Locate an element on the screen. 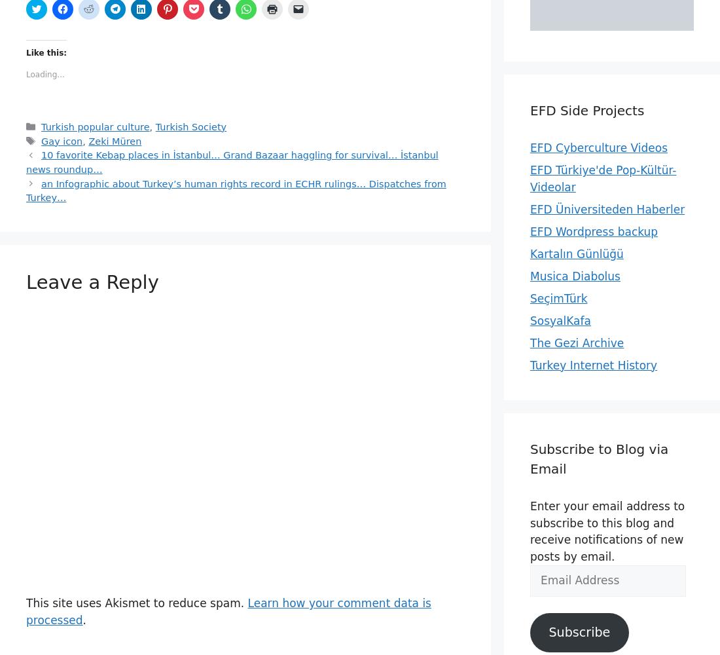 The height and width of the screenshot is (655, 720). 'Zeki Müren' is located at coordinates (114, 140).